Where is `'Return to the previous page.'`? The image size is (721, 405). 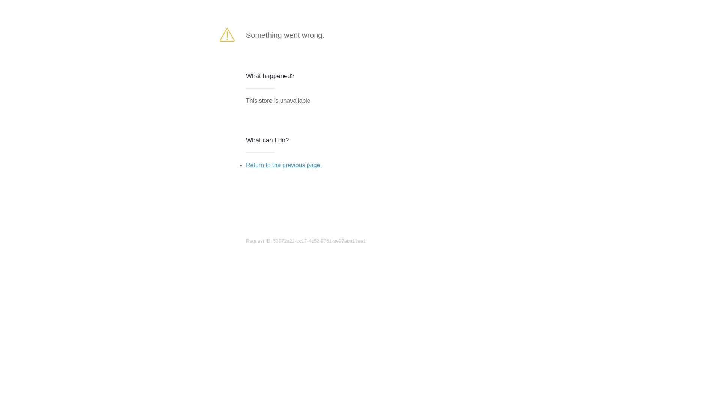 'Return to the previous page.' is located at coordinates (283, 165).